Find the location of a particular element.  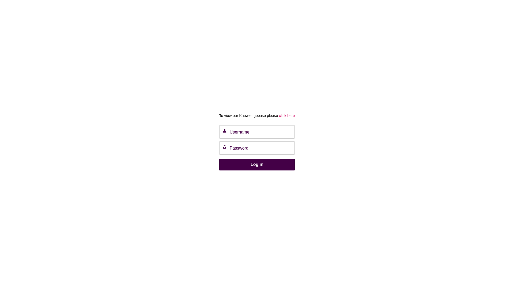

'click here' is located at coordinates (278, 115).